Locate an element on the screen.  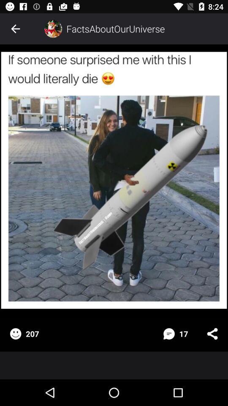
icon next to the factsaboutouruniverse icon is located at coordinates (53, 29).